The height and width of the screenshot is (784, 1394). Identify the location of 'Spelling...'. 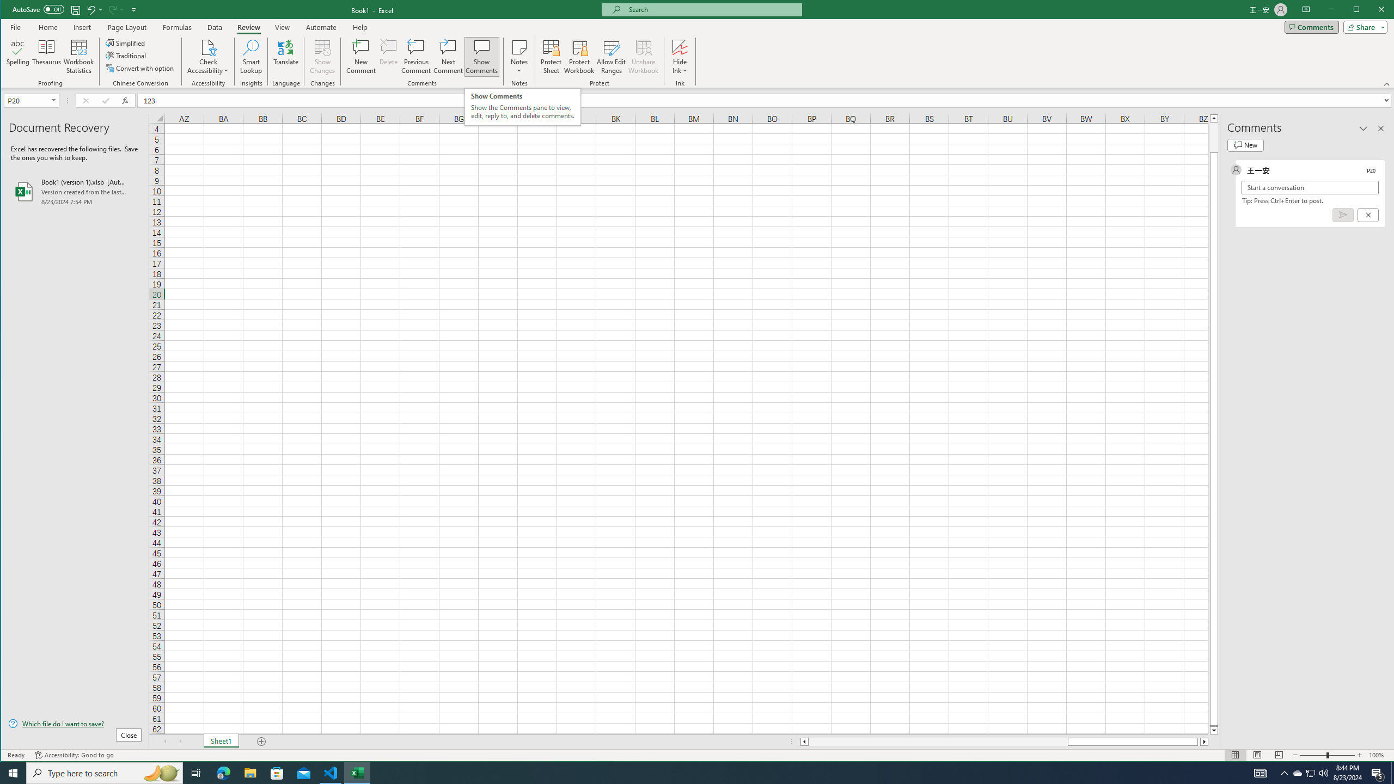
(17, 56).